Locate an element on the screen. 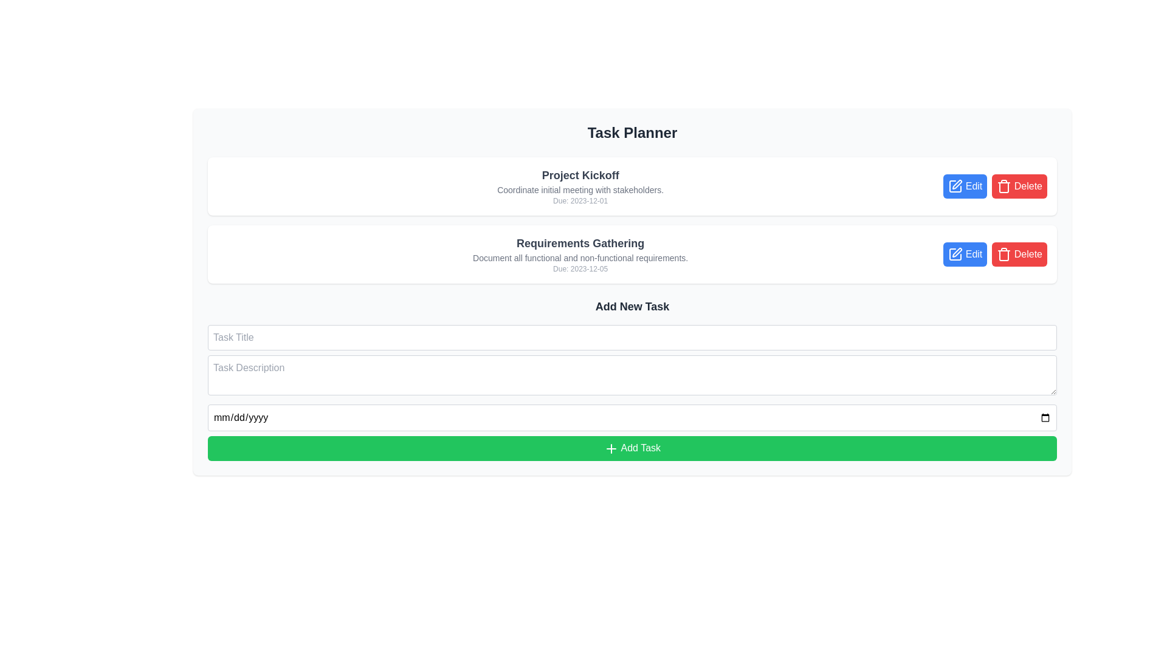 Image resolution: width=1167 pixels, height=656 pixels. the green 'Add Task' button, which features white text and a '+' icon, located centrally below three input fields is located at coordinates (632, 448).